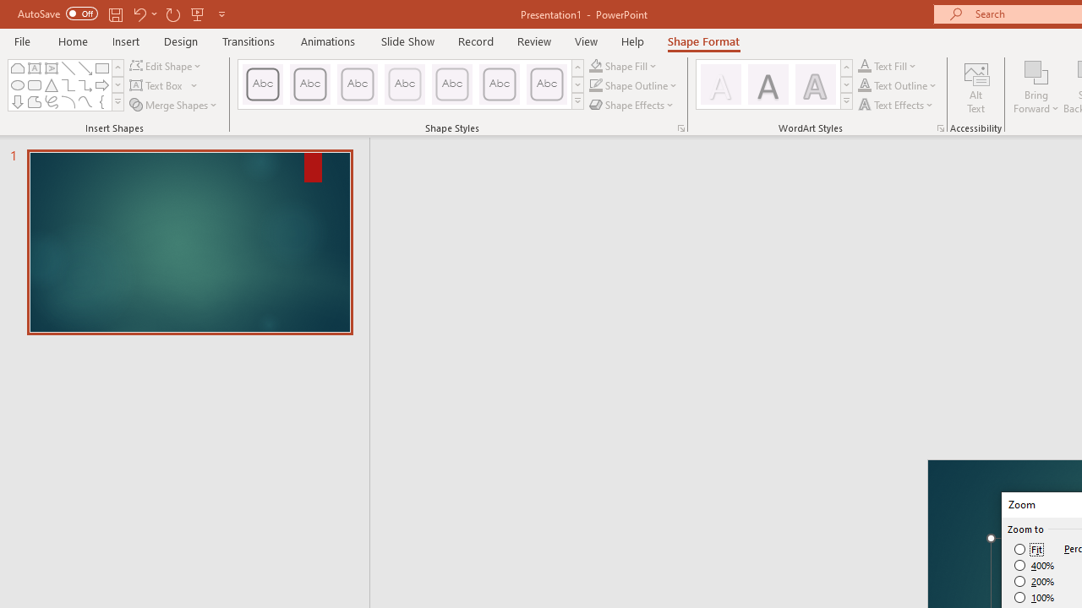  What do you see at coordinates (157, 85) in the screenshot?
I see `'Draw Horizontal Text Box'` at bounding box center [157, 85].